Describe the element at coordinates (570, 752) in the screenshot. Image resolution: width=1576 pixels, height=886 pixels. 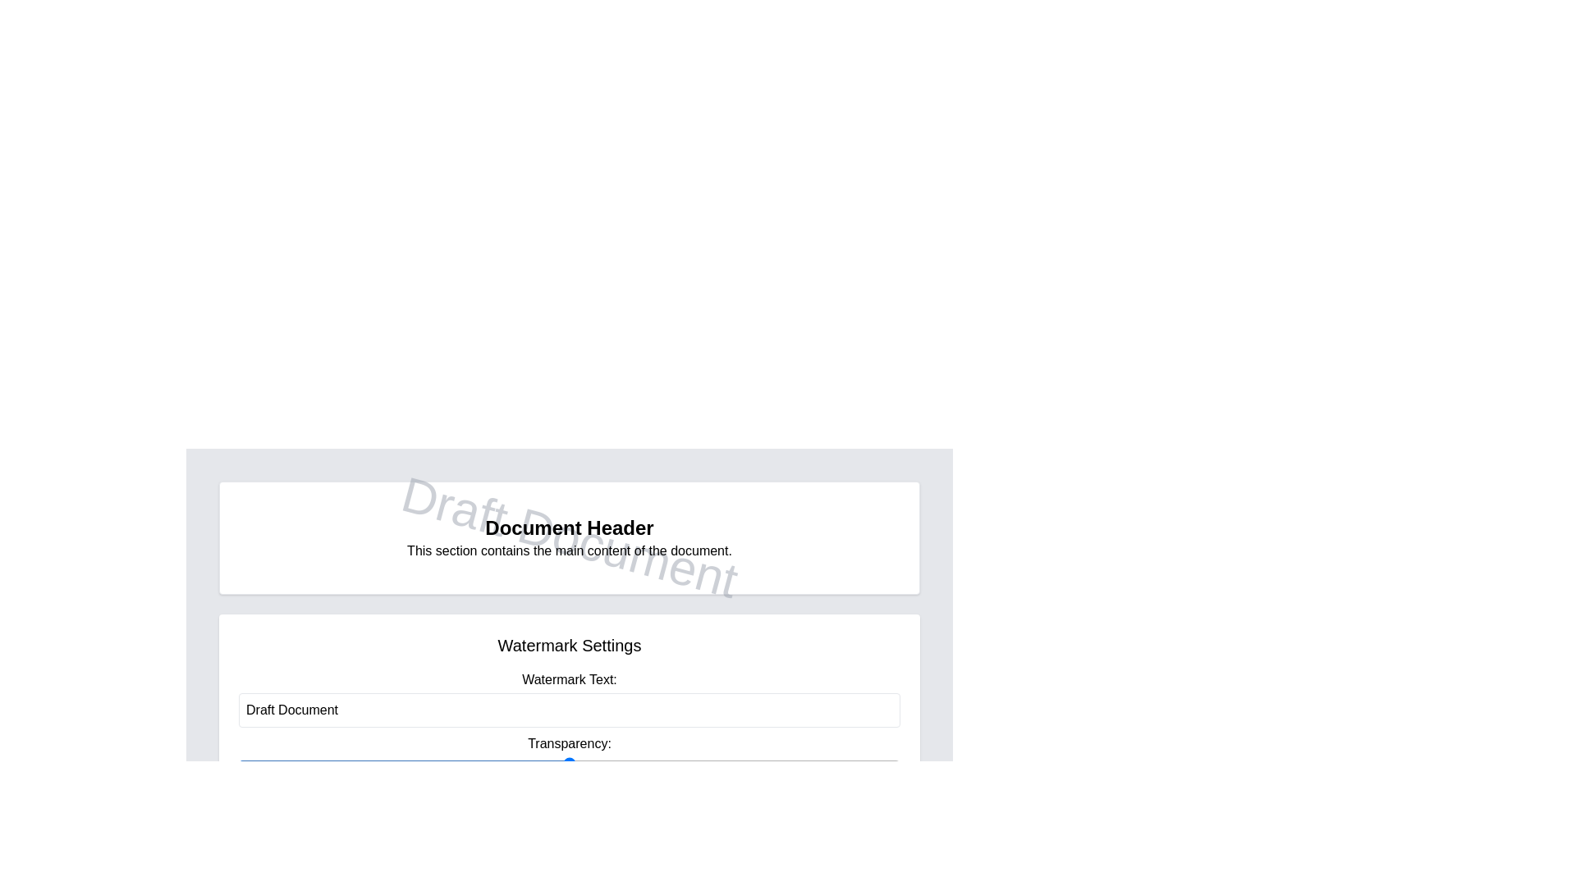
I see `the third textual label indicating the transparency level in the 'Watermark Settings' section, which is located centrally between the 'Watermark Text:' and 'Rotation Angle:' labels` at that location.